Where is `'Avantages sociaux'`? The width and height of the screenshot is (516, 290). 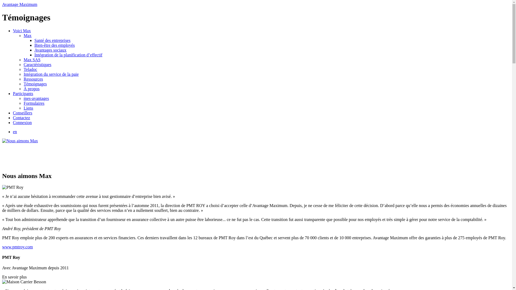
'Avantages sociaux' is located at coordinates (50, 50).